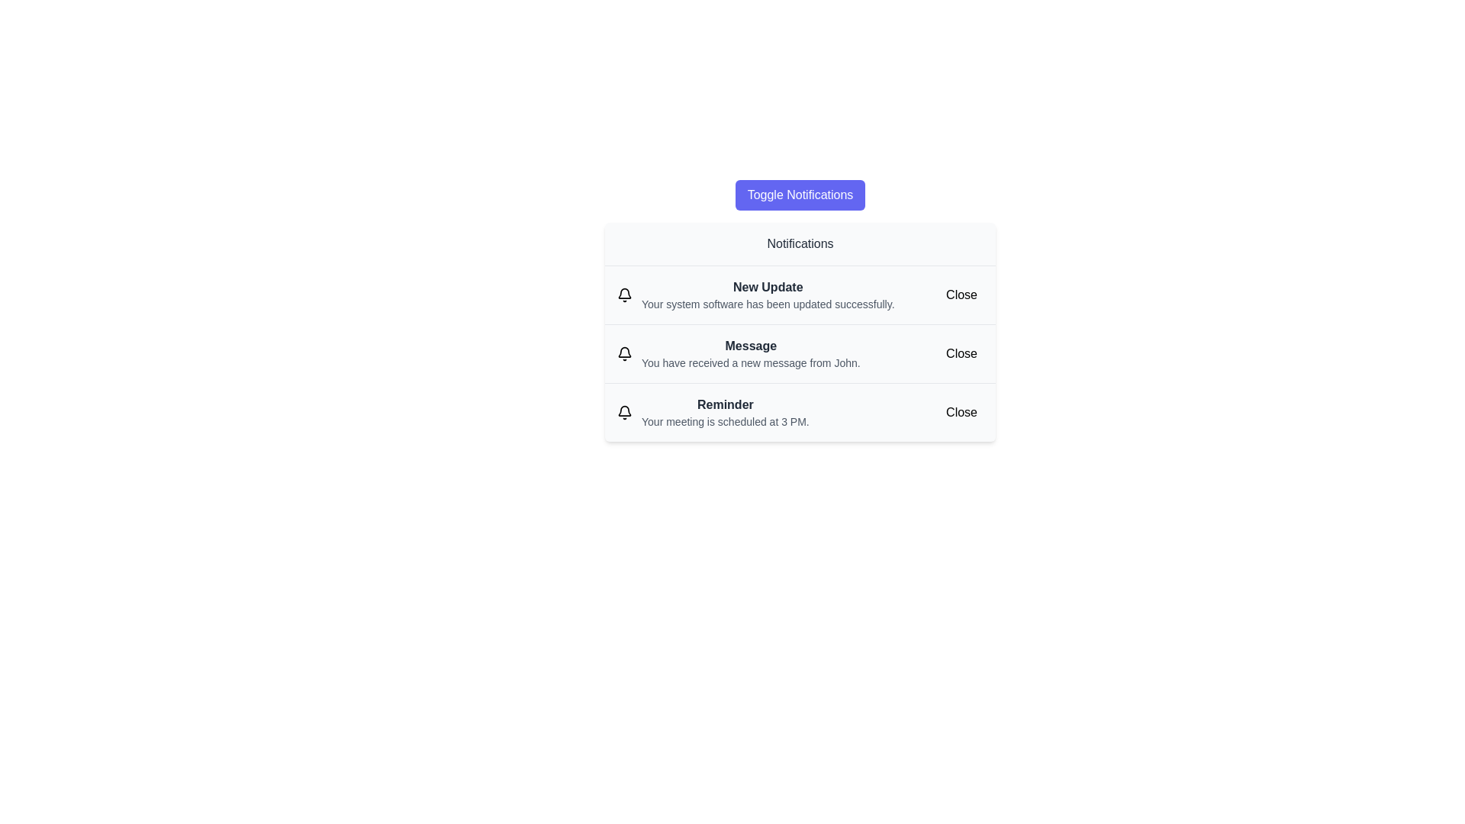  I want to click on the close button for the 'New Update' notification, so click(961, 295).